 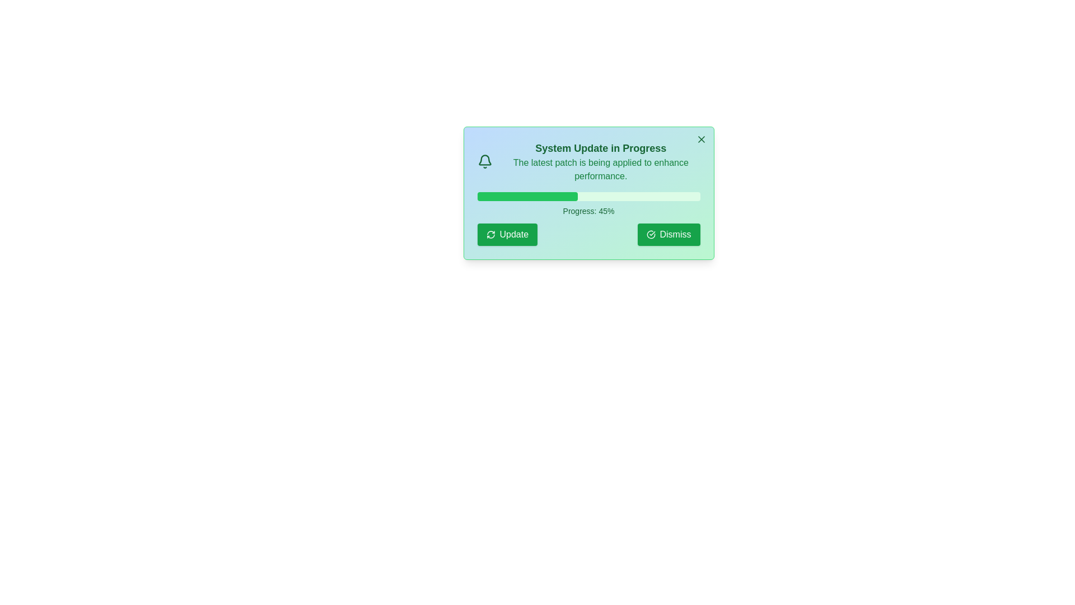 I want to click on the progress bar to 55% by adjusting its width, so click(x=599, y=196).